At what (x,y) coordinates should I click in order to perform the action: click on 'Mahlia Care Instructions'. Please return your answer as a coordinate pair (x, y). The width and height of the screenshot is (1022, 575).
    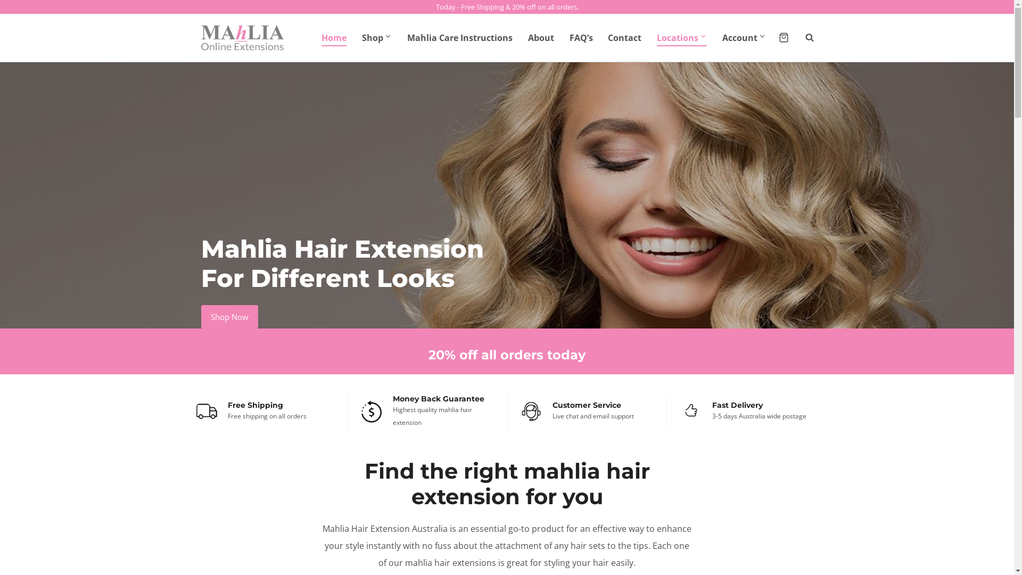
    Looking at the image, I should click on (460, 37).